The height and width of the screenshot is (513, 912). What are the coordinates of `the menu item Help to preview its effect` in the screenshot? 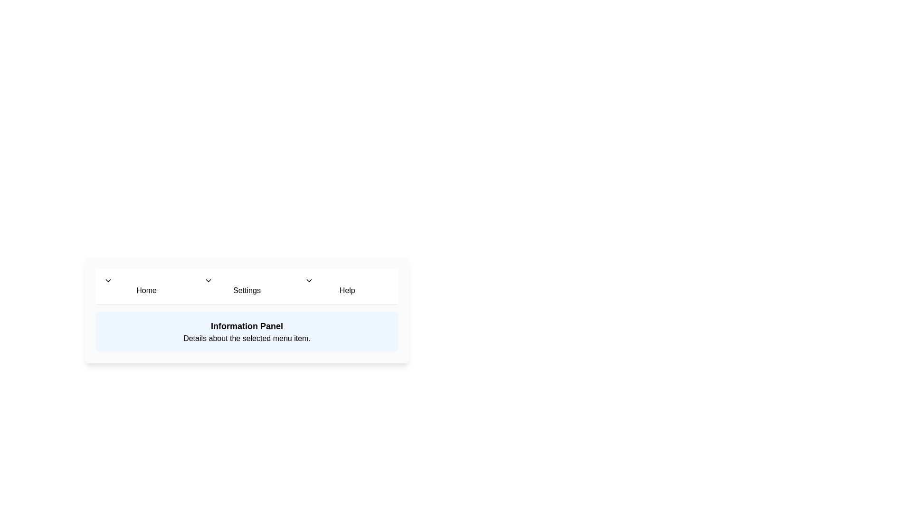 It's located at (346, 285).